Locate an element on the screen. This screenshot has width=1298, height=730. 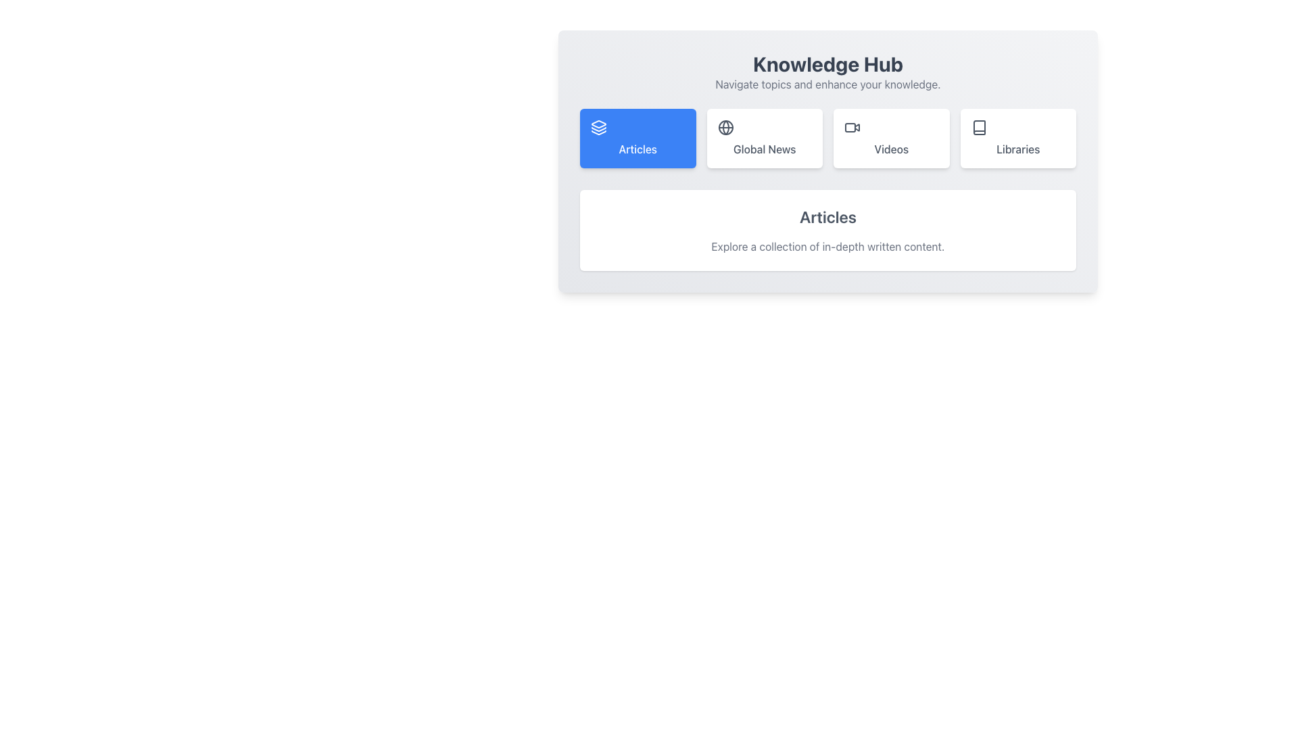
header text element displaying 'Articles' in large, bold, dark gray font, positioned above the subtext is located at coordinates (827, 216).